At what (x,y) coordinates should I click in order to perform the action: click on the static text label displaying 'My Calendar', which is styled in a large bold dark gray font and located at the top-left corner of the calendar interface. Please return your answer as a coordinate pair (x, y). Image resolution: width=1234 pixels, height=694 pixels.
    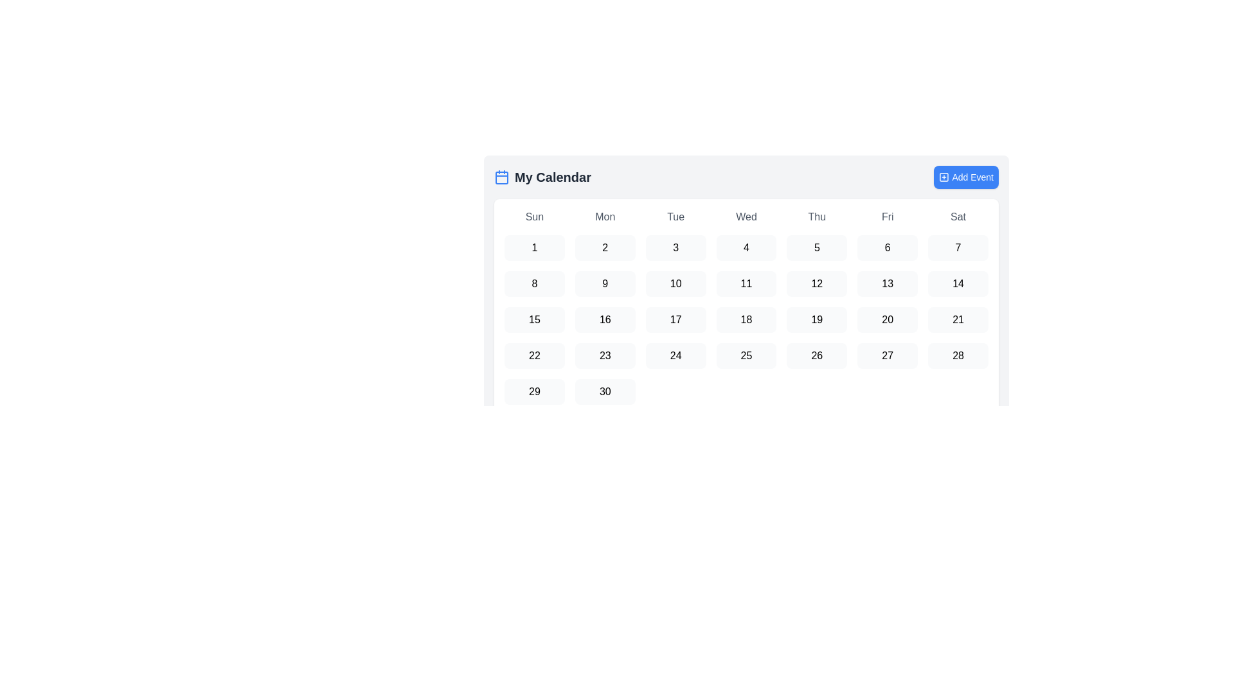
    Looking at the image, I should click on (553, 177).